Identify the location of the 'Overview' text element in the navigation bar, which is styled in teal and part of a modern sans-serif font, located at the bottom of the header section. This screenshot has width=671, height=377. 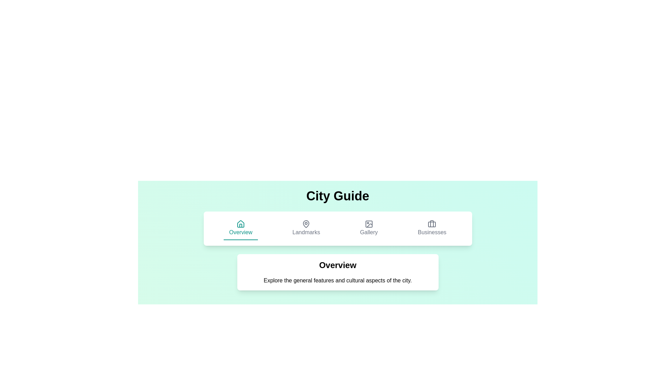
(241, 232).